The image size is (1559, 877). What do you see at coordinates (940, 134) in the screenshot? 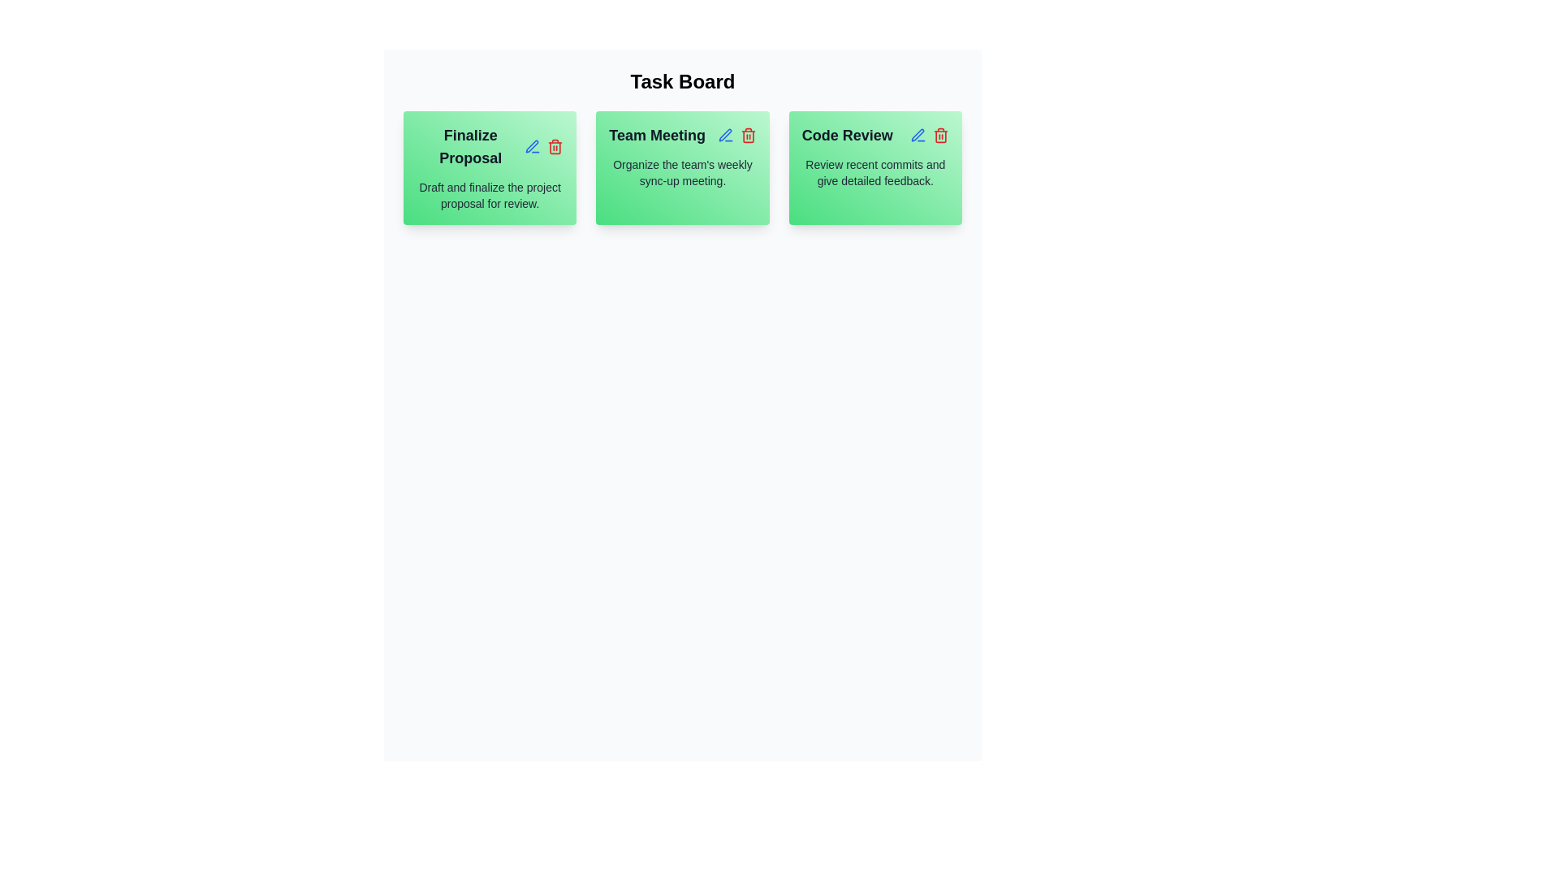
I see `the delete icon for the task titled Code Review` at bounding box center [940, 134].